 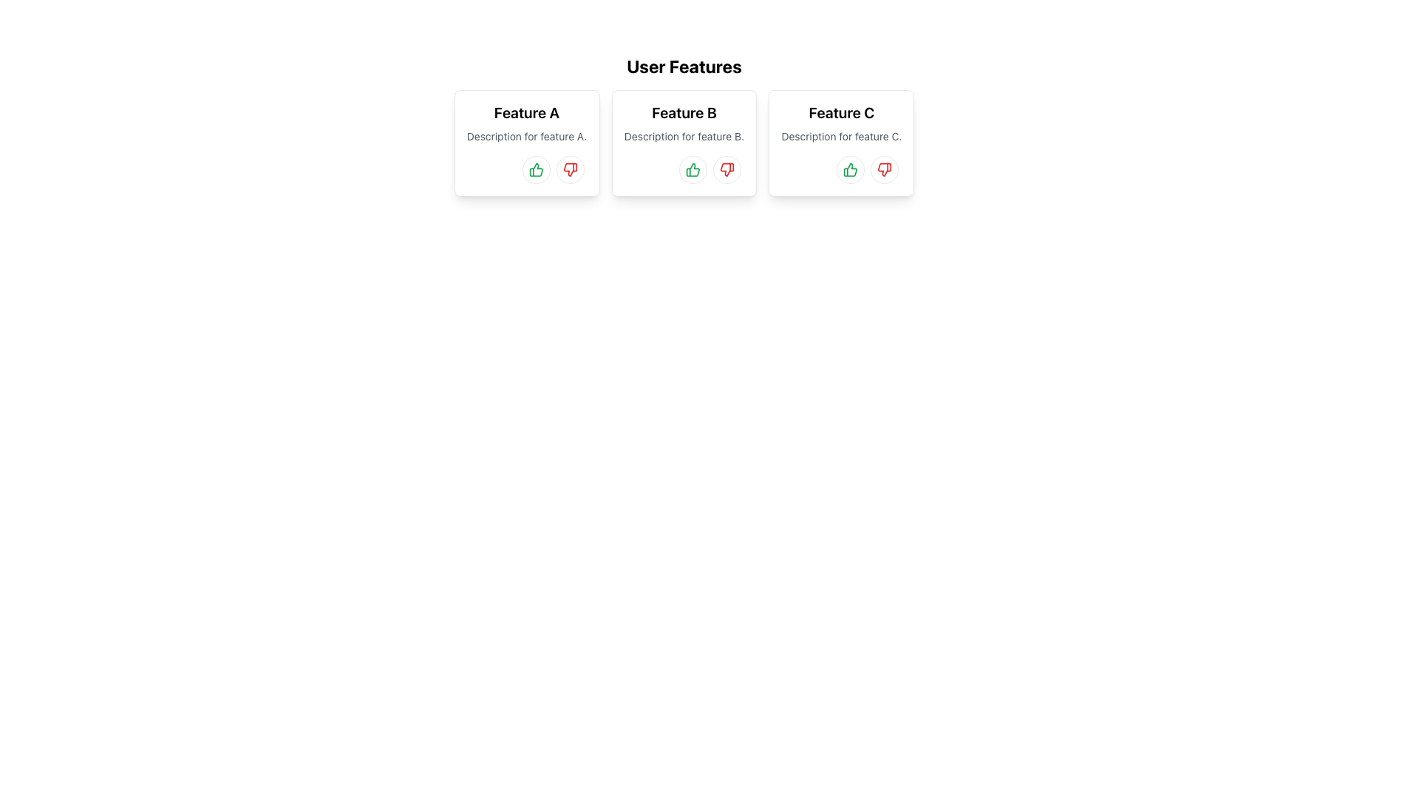 I want to click on the circular button with a green thumbs-up icon located at the bottom-right area of the 'Feature A' card to observe the hover effects, so click(x=535, y=169).